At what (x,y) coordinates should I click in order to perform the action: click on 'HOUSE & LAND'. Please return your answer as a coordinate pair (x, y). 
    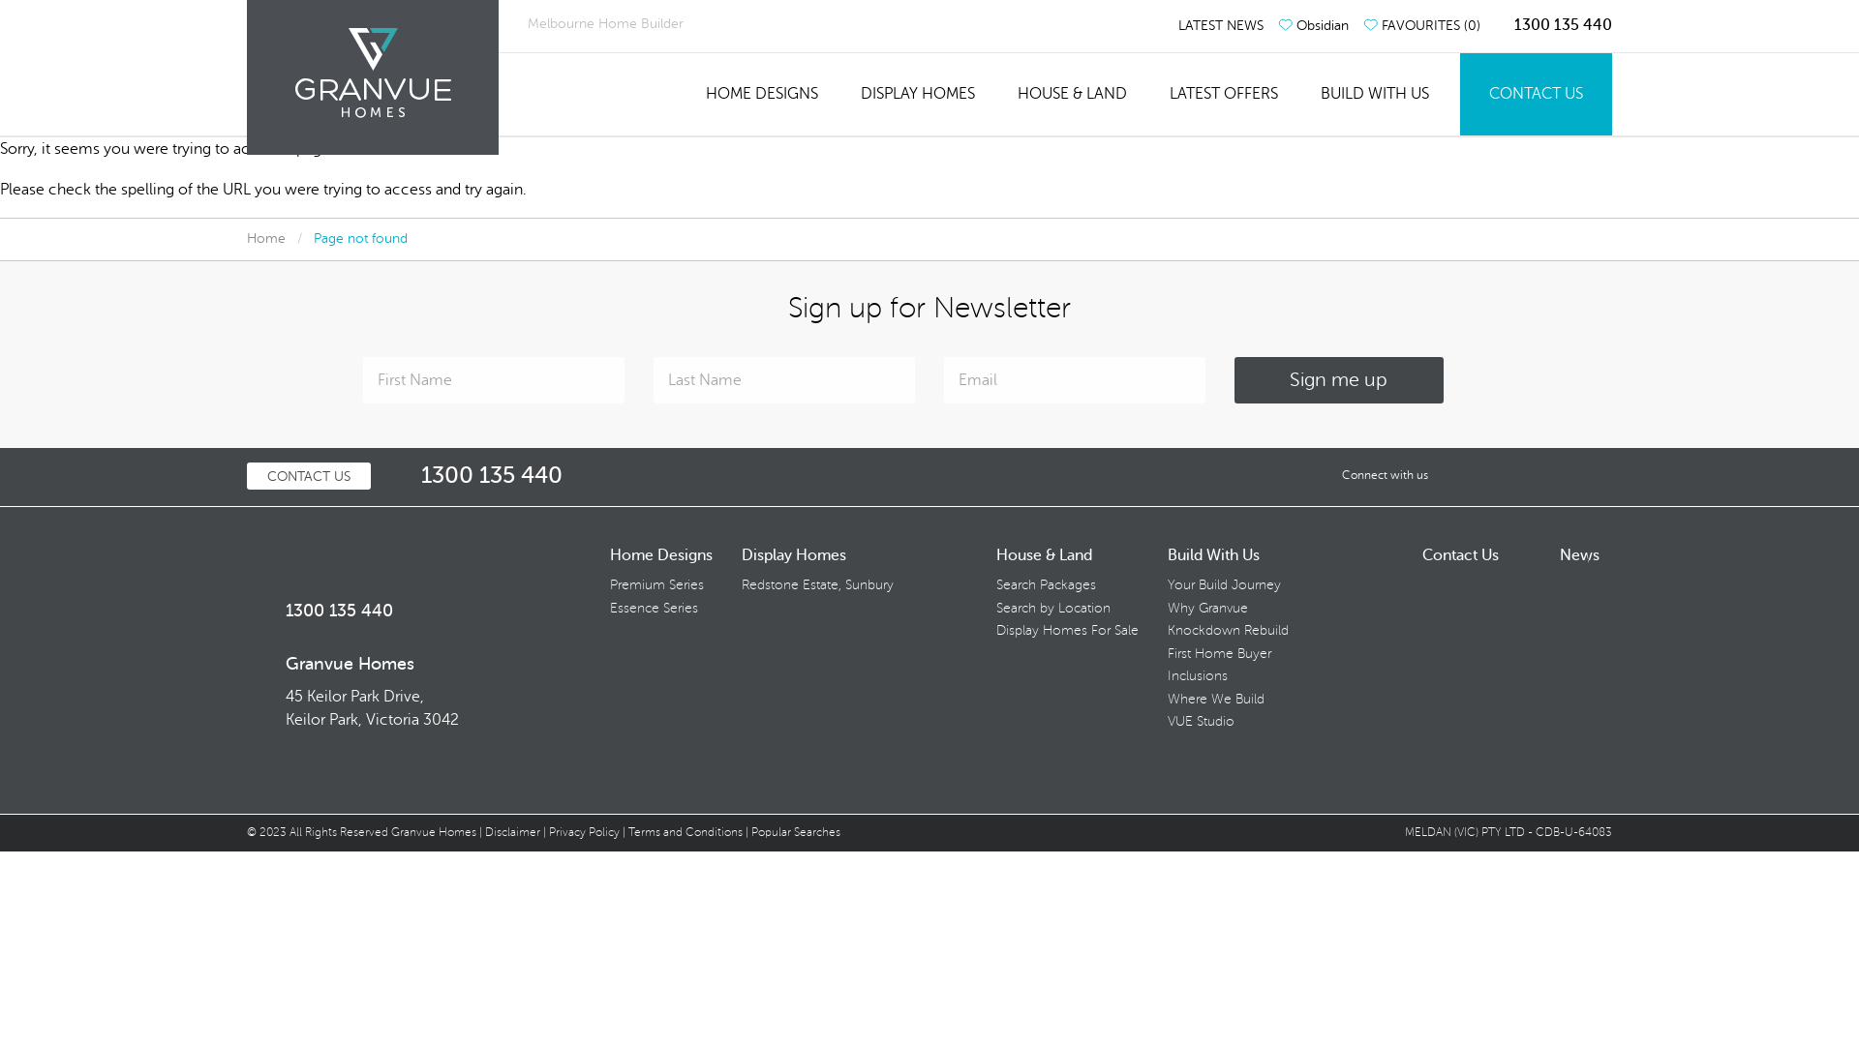
    Looking at the image, I should click on (995, 94).